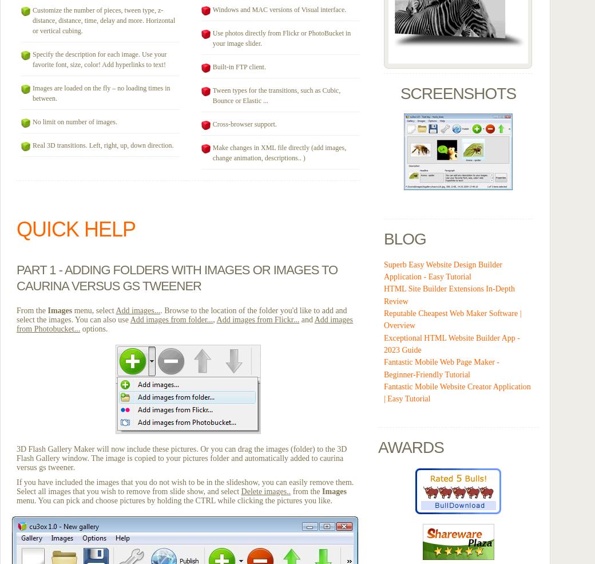  Describe the element at coordinates (306, 491) in the screenshot. I see `'from the'` at that location.